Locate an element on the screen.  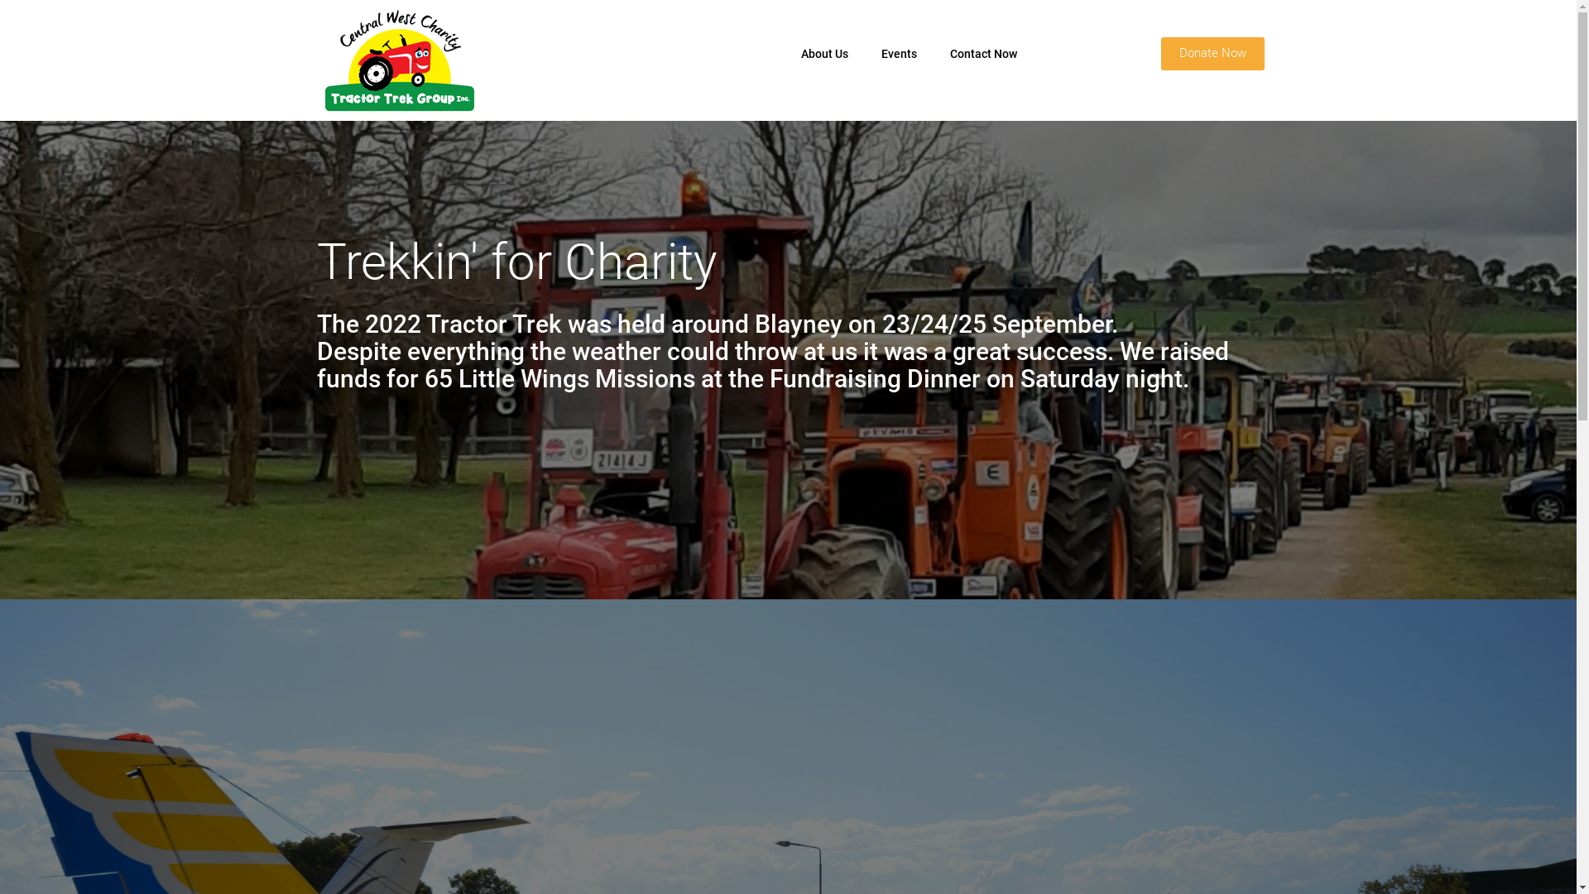
'Events' is located at coordinates (898, 53).